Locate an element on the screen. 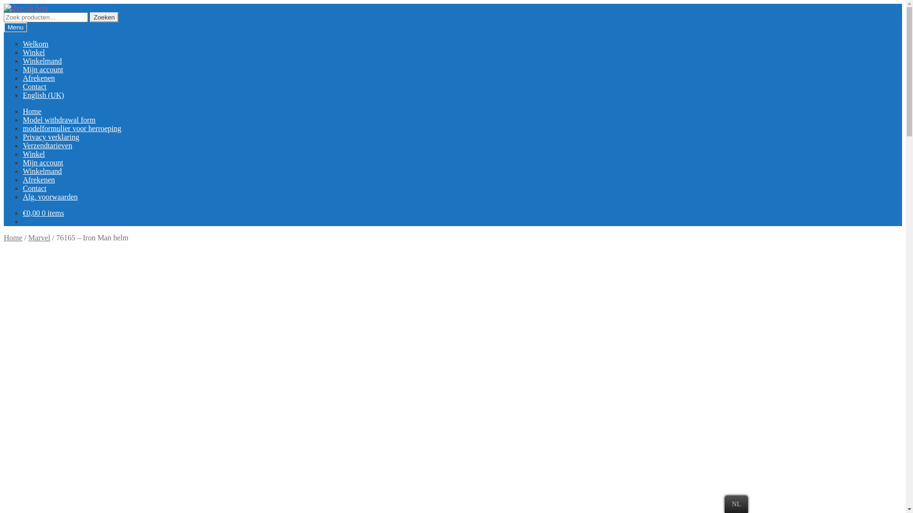 This screenshot has height=513, width=913. 'Alg. voorwaarden' is located at coordinates (49, 196).